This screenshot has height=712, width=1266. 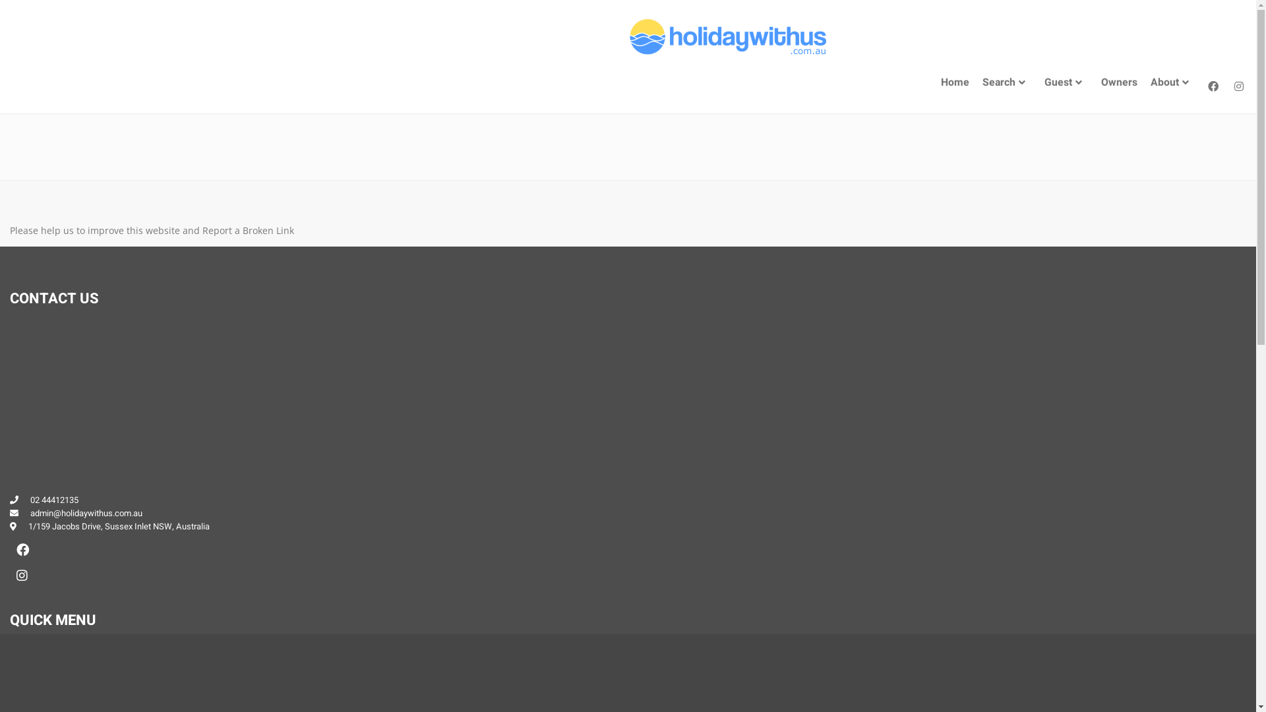 What do you see at coordinates (1066, 82) in the screenshot?
I see `'Guest'` at bounding box center [1066, 82].